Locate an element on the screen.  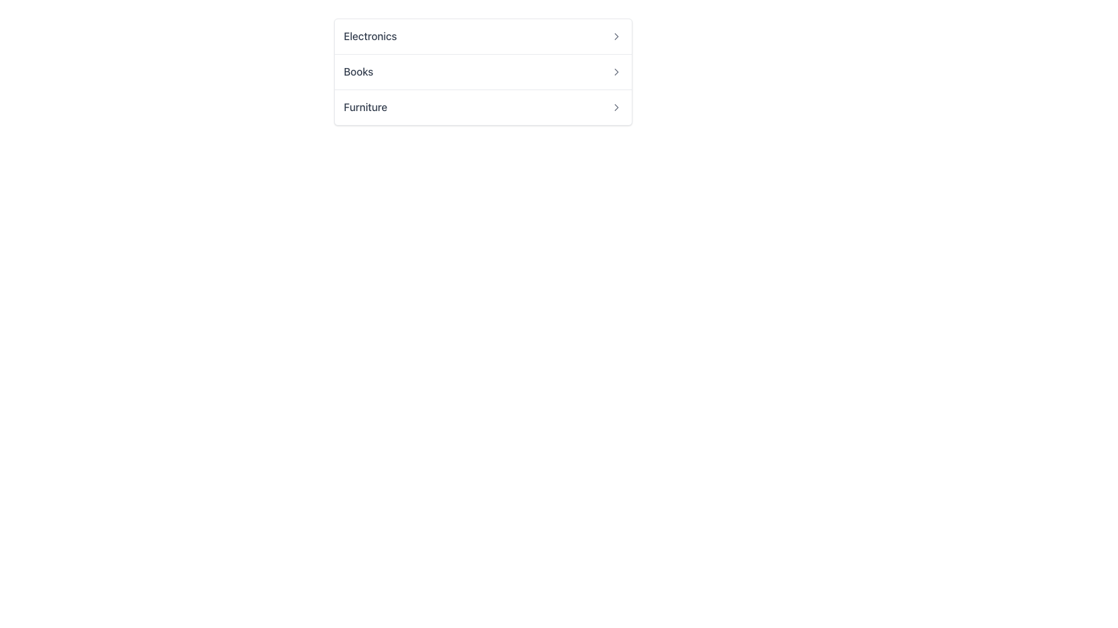
the small right-pointing chevron icon located near the right edge of the 'Furniture' option in the vertical list is located at coordinates (615, 108).